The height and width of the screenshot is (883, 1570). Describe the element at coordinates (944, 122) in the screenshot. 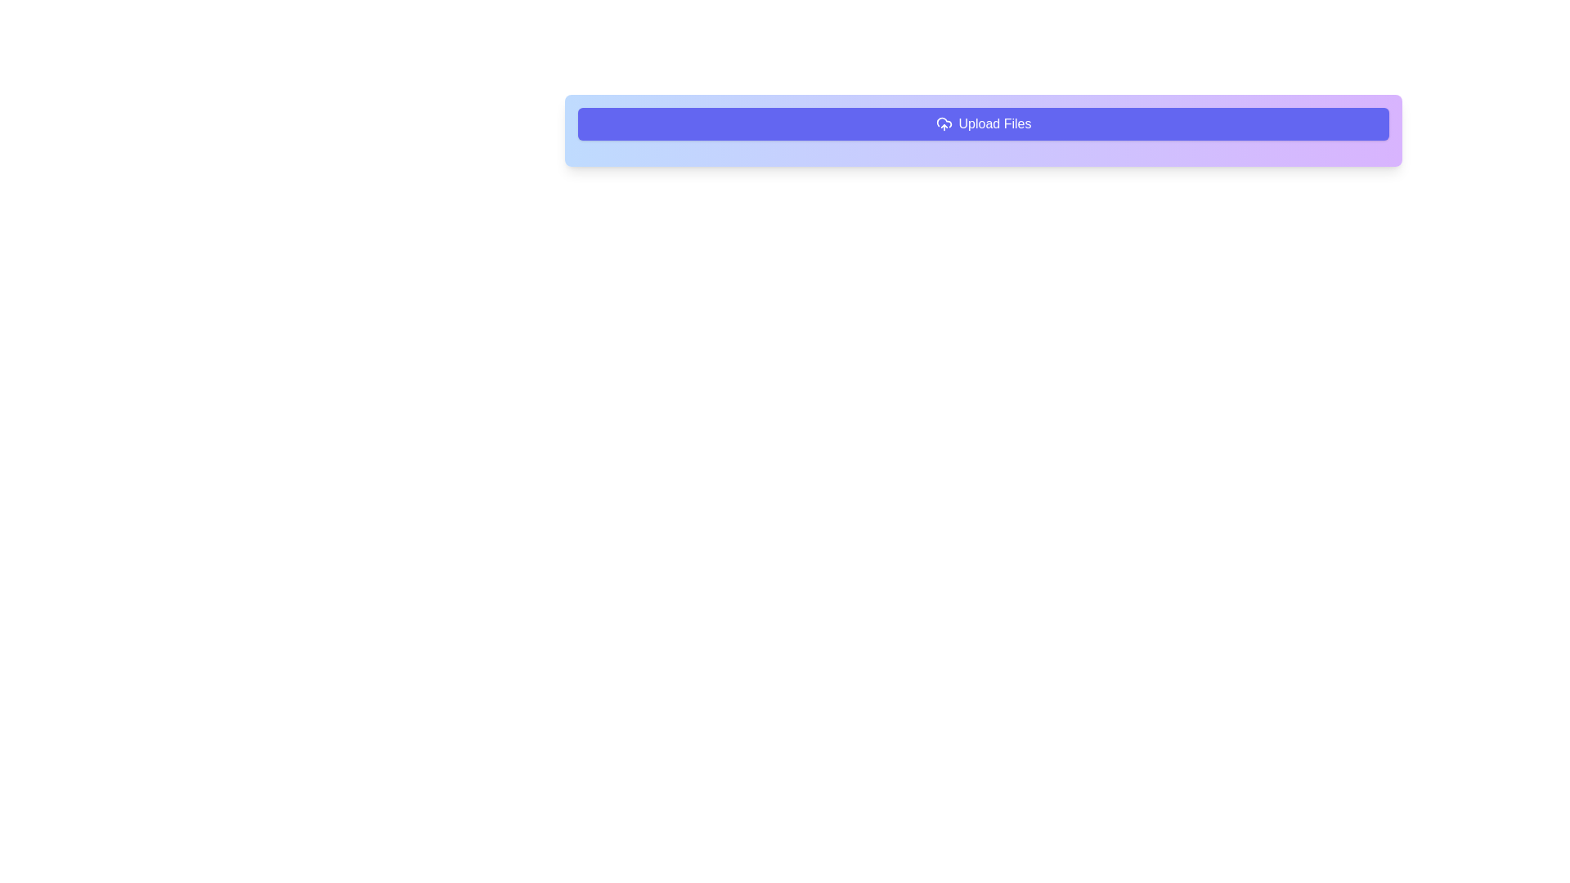

I see `the cloud outline icon located to the left of the 'Upload Files' button` at that location.